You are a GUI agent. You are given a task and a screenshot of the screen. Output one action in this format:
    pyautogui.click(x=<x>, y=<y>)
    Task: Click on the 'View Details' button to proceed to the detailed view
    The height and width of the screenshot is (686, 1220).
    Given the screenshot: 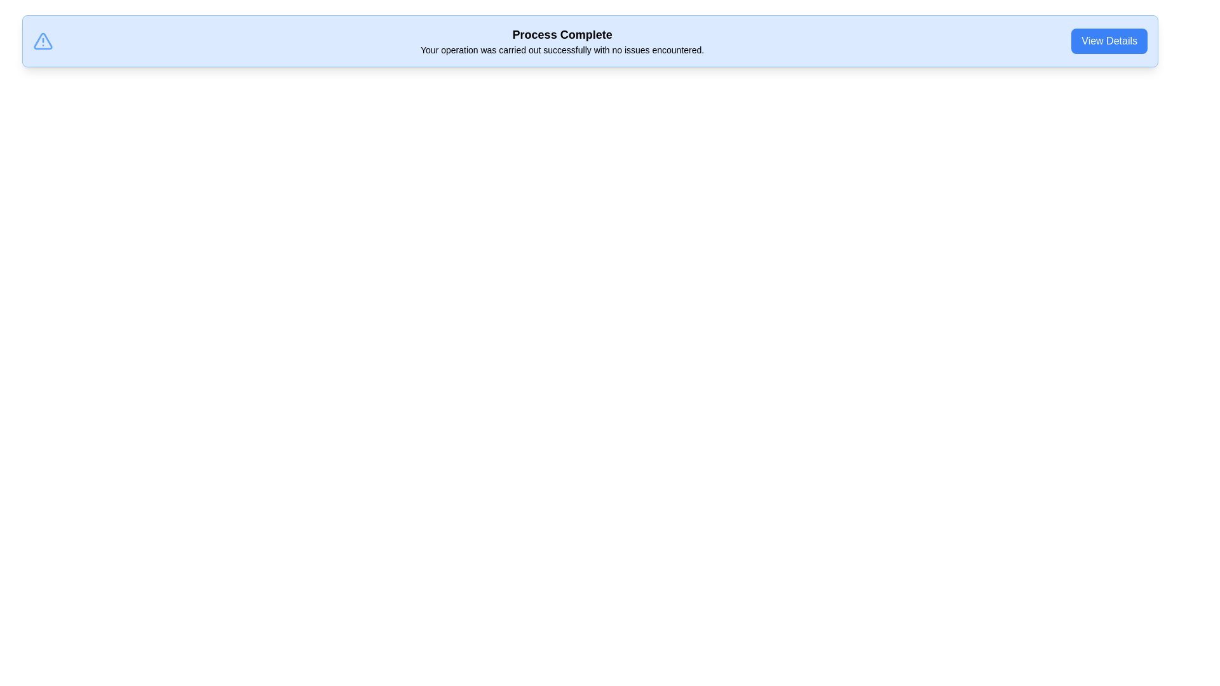 What is the action you would take?
    pyautogui.click(x=1109, y=41)
    